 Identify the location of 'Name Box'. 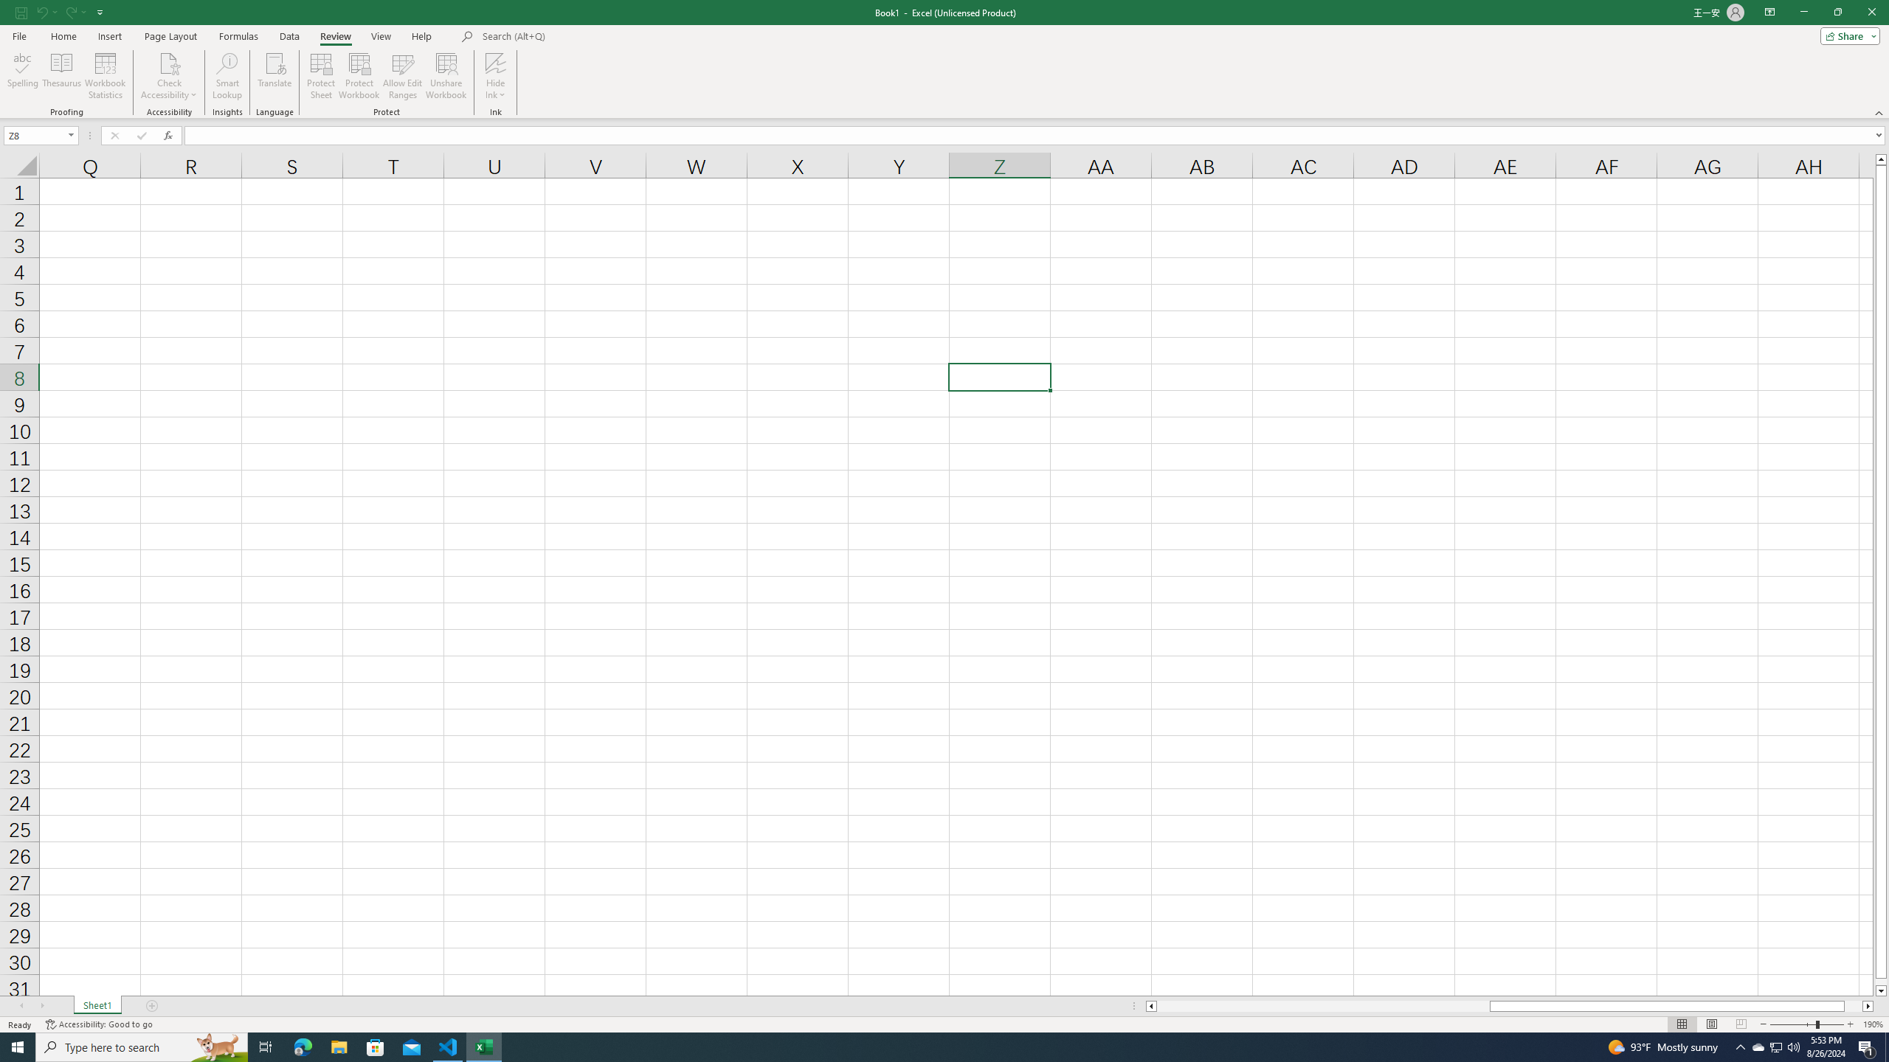
(35, 135).